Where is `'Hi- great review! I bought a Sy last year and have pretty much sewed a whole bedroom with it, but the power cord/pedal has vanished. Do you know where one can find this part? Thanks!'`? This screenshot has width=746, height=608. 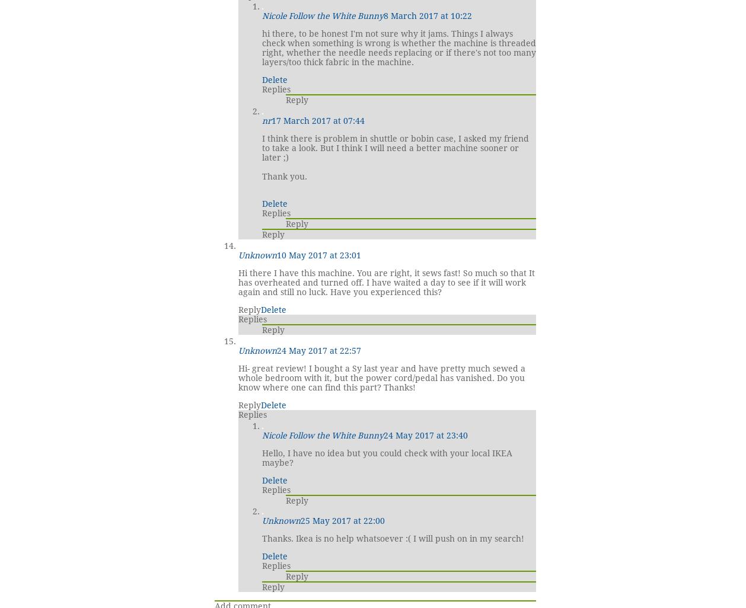 'Hi- great review! I bought a Sy last year and have pretty much sewed a whole bedroom with it, but the power cord/pedal has vanished. Do you know where one can find this part? Thanks!' is located at coordinates (381, 377).